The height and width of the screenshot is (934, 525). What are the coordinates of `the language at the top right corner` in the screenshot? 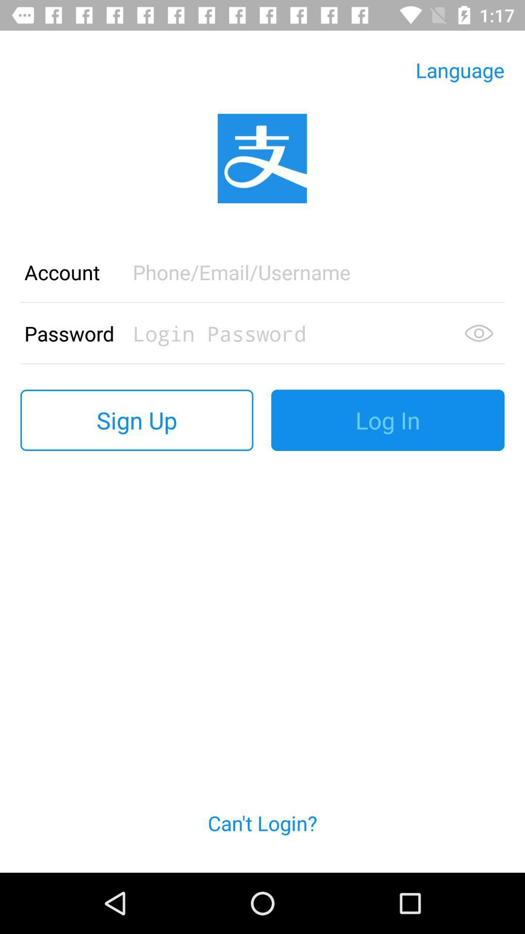 It's located at (459, 70).